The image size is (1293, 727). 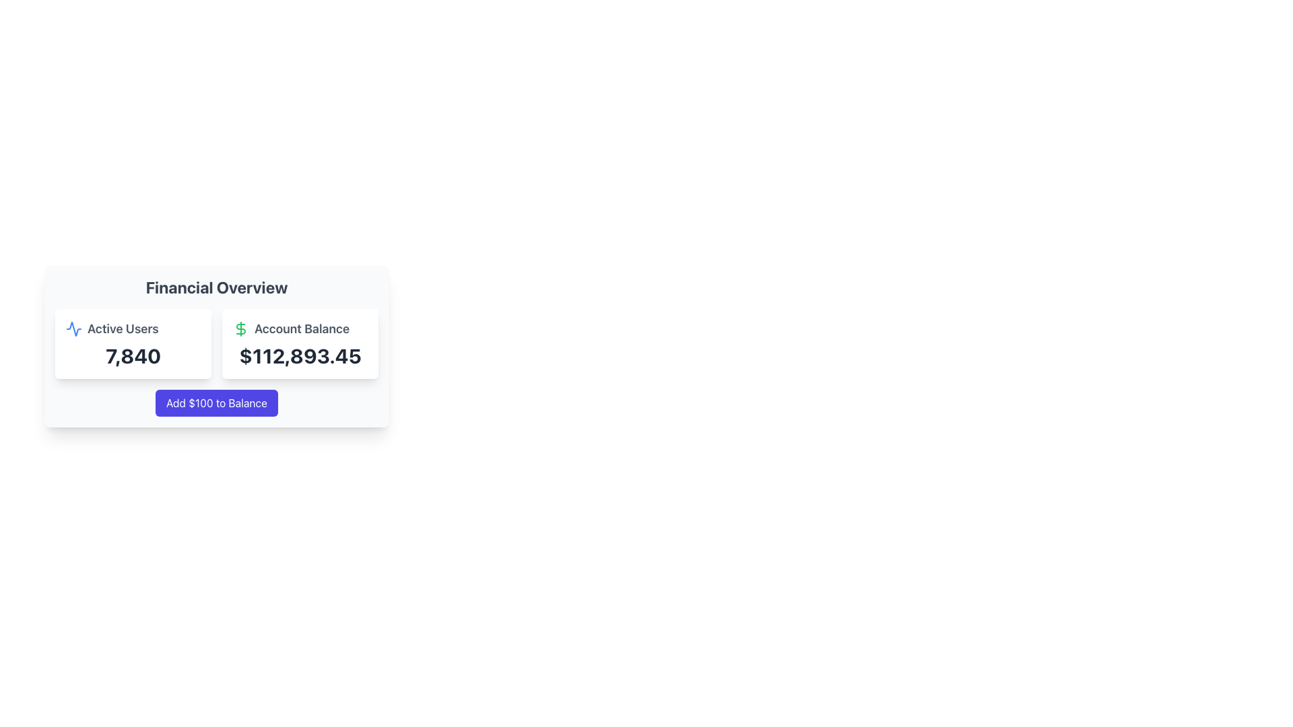 What do you see at coordinates (73, 329) in the screenshot?
I see `the small, blue-colored activity icon located to the left of the text 'Active Users' in the 'Financial Overview' panel` at bounding box center [73, 329].